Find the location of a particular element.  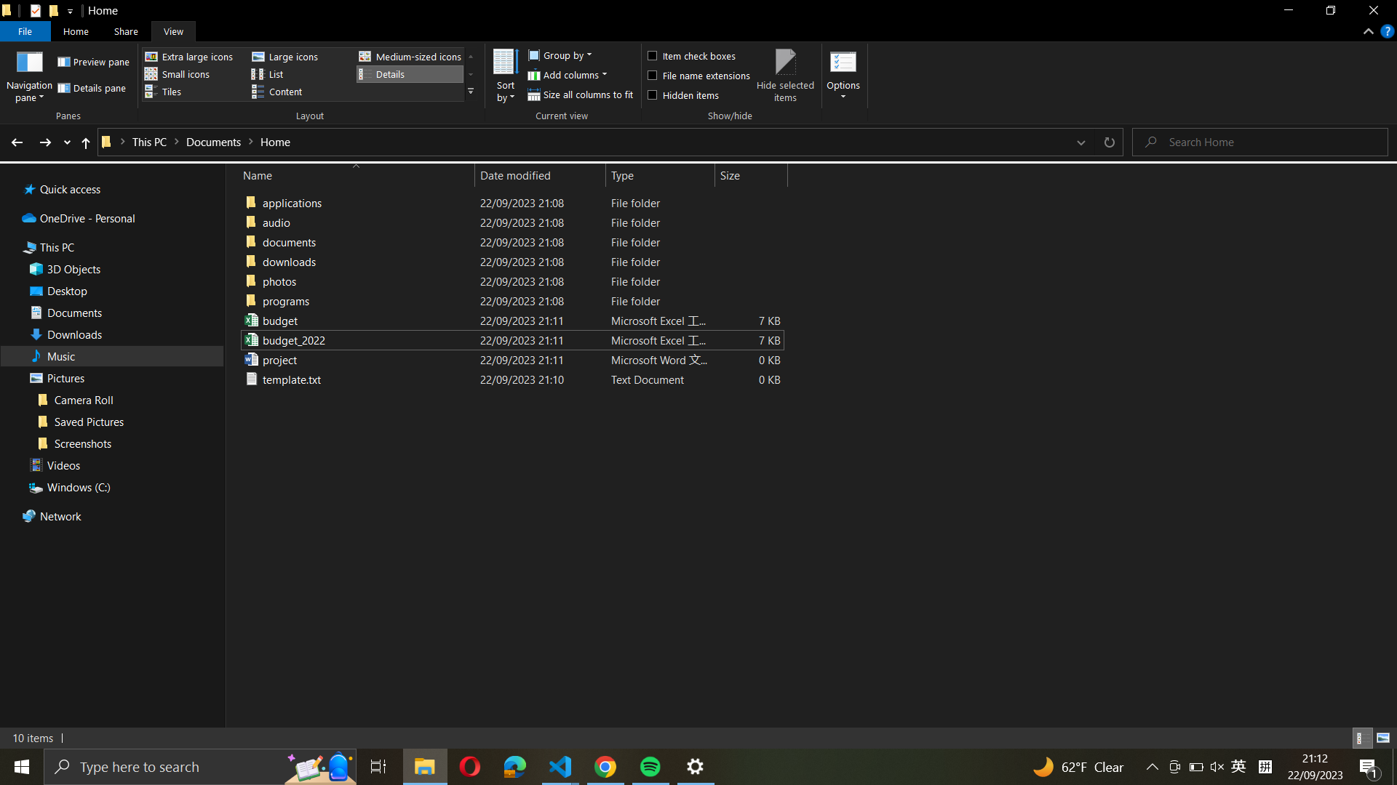

Accomplish the termination of the existing window using the "close_window" command is located at coordinates (1372, 12).